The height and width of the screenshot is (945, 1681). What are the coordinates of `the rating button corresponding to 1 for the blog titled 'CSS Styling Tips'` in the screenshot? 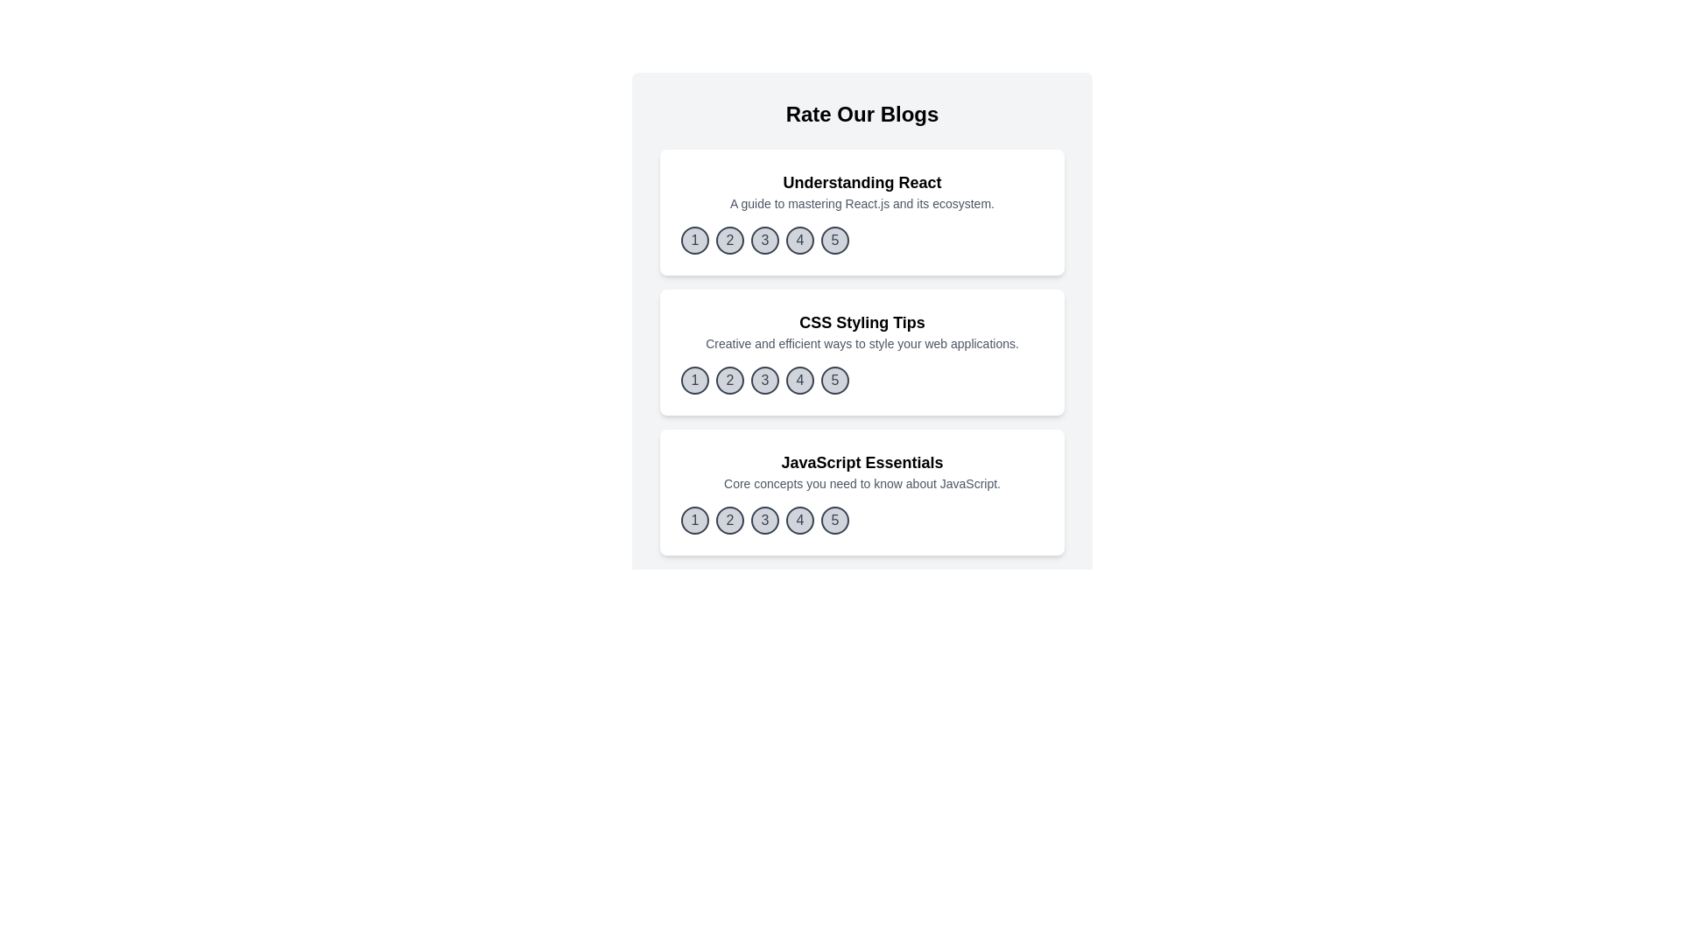 It's located at (693, 380).